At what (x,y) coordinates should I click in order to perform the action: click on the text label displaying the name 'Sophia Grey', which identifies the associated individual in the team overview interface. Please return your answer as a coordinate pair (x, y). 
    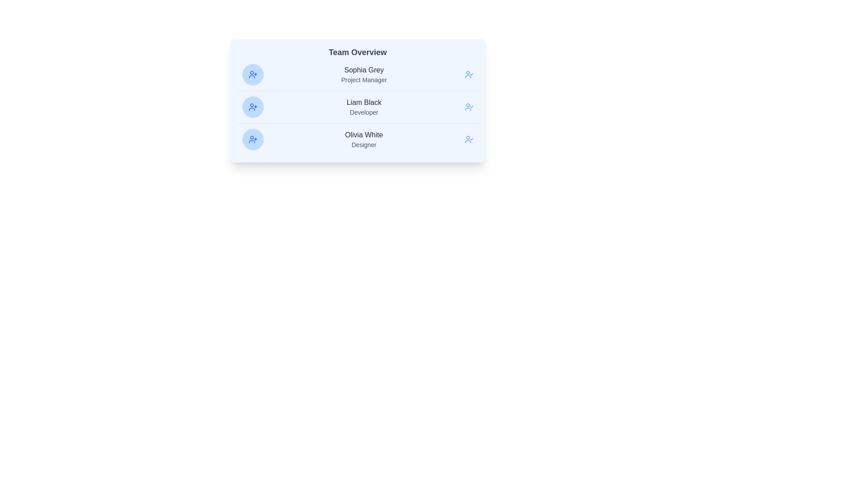
    Looking at the image, I should click on (364, 70).